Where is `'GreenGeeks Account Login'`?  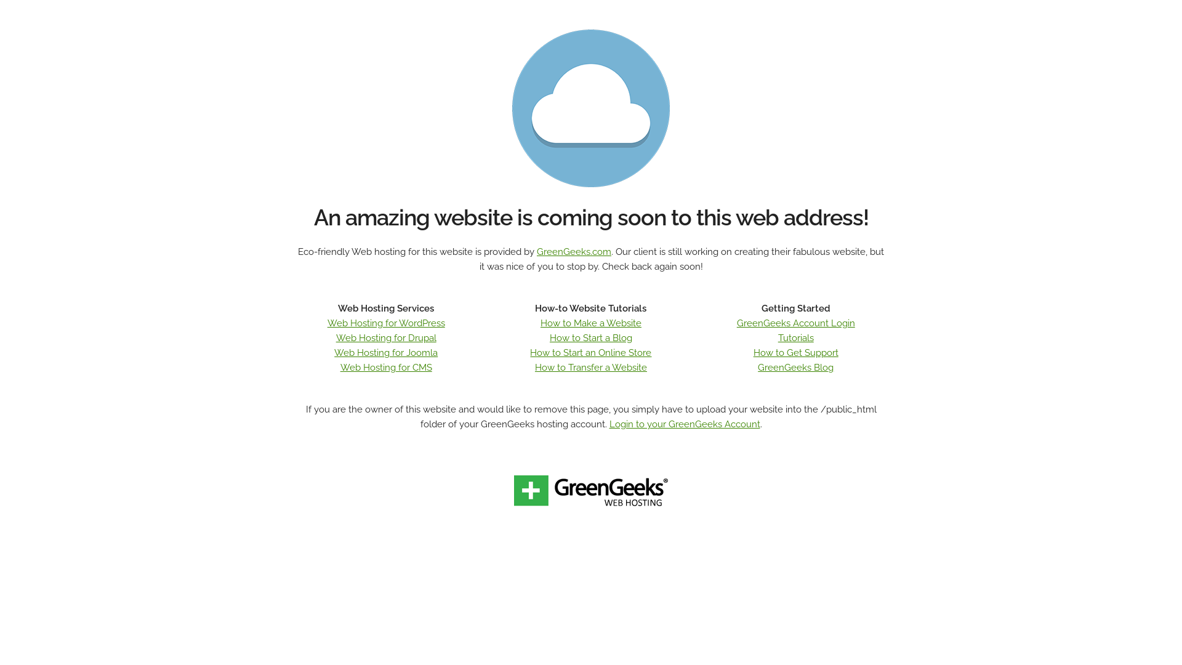
'GreenGeeks Account Login' is located at coordinates (795, 322).